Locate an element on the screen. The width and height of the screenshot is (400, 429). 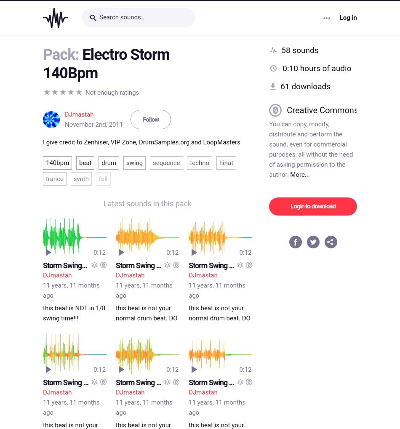
'Latest sounds in this pack' is located at coordinates (147, 202).